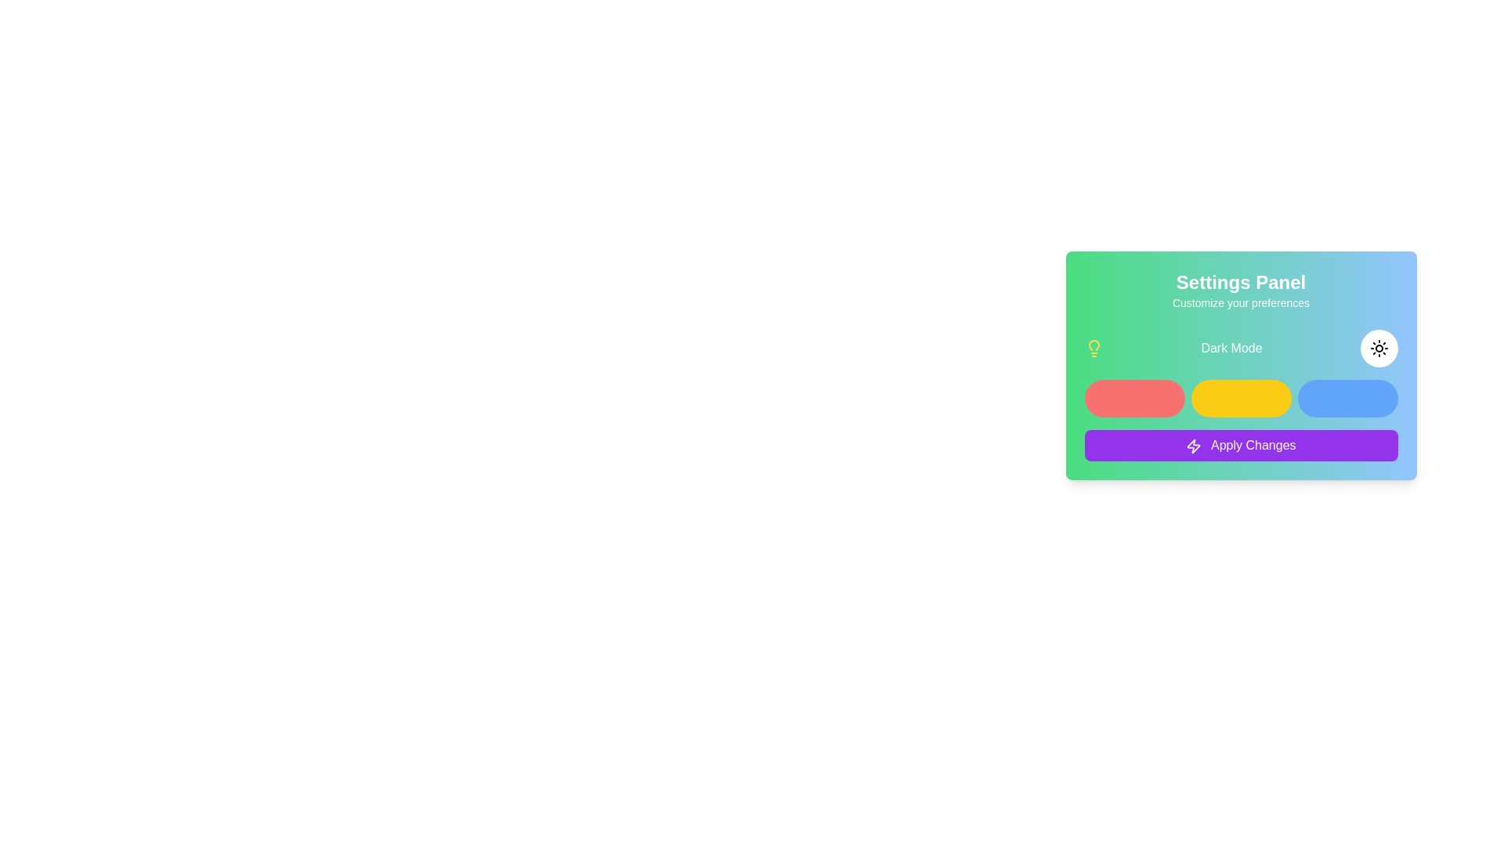 The width and height of the screenshot is (1504, 846). Describe the element at coordinates (1134, 398) in the screenshot. I see `the red button with rounded corners located in the first column of the settings panel` at that location.